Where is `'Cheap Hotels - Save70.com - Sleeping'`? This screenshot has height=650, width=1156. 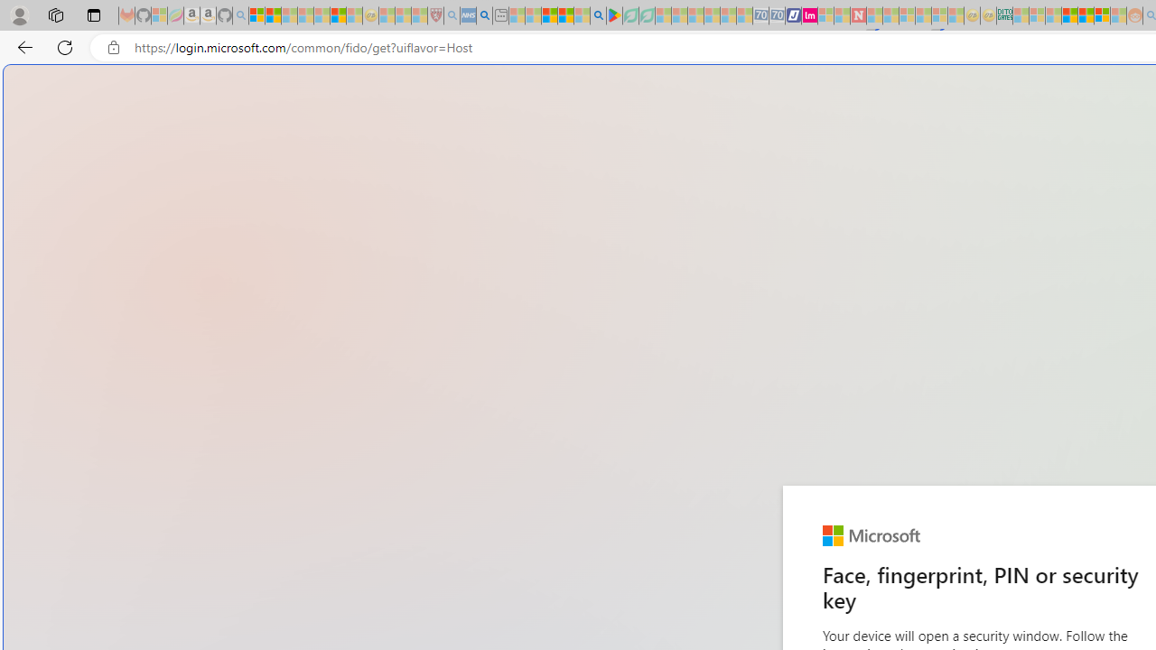 'Cheap Hotels - Save70.com - Sleeping' is located at coordinates (777, 15).